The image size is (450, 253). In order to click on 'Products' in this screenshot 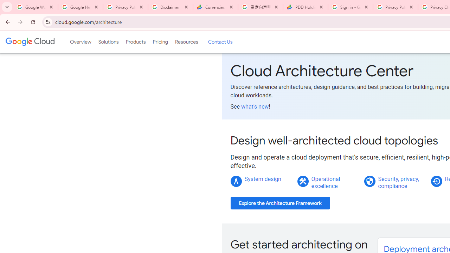, I will do `click(135, 42)`.